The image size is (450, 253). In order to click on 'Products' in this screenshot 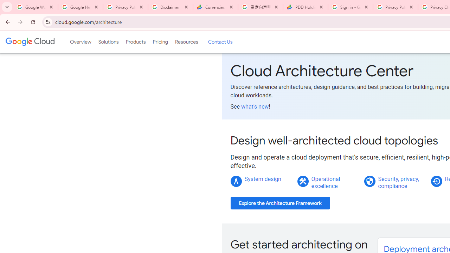, I will do `click(135, 42)`.